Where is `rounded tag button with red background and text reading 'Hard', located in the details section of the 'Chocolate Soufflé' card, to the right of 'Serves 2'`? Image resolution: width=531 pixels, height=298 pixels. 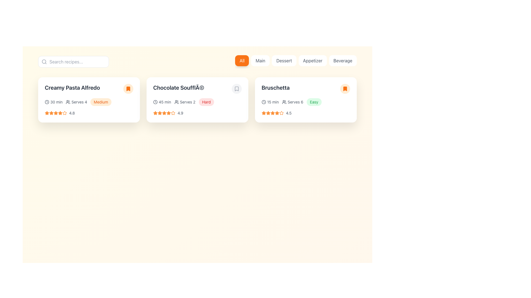
rounded tag button with red background and text reading 'Hard', located in the details section of the 'Chocolate Soufflé' card, to the right of 'Serves 2' is located at coordinates (206, 102).